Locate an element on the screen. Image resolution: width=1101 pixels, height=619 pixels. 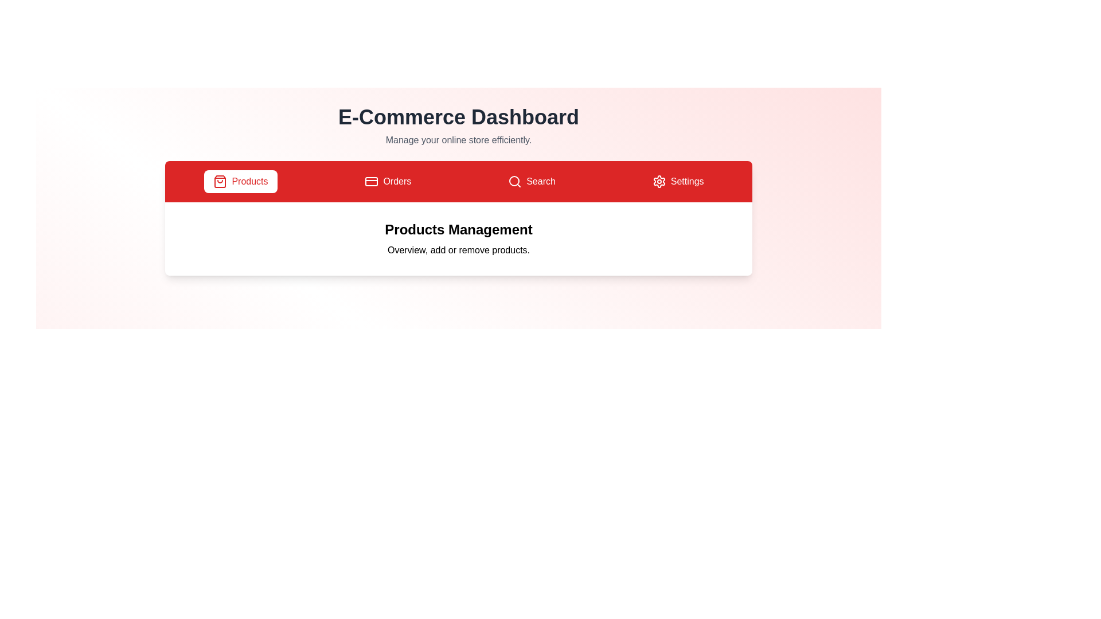
the red rounded rectangle element located inside the 'credit card' icon, positioned underneath the 'Products' label in the navigation bar is located at coordinates (372, 181).